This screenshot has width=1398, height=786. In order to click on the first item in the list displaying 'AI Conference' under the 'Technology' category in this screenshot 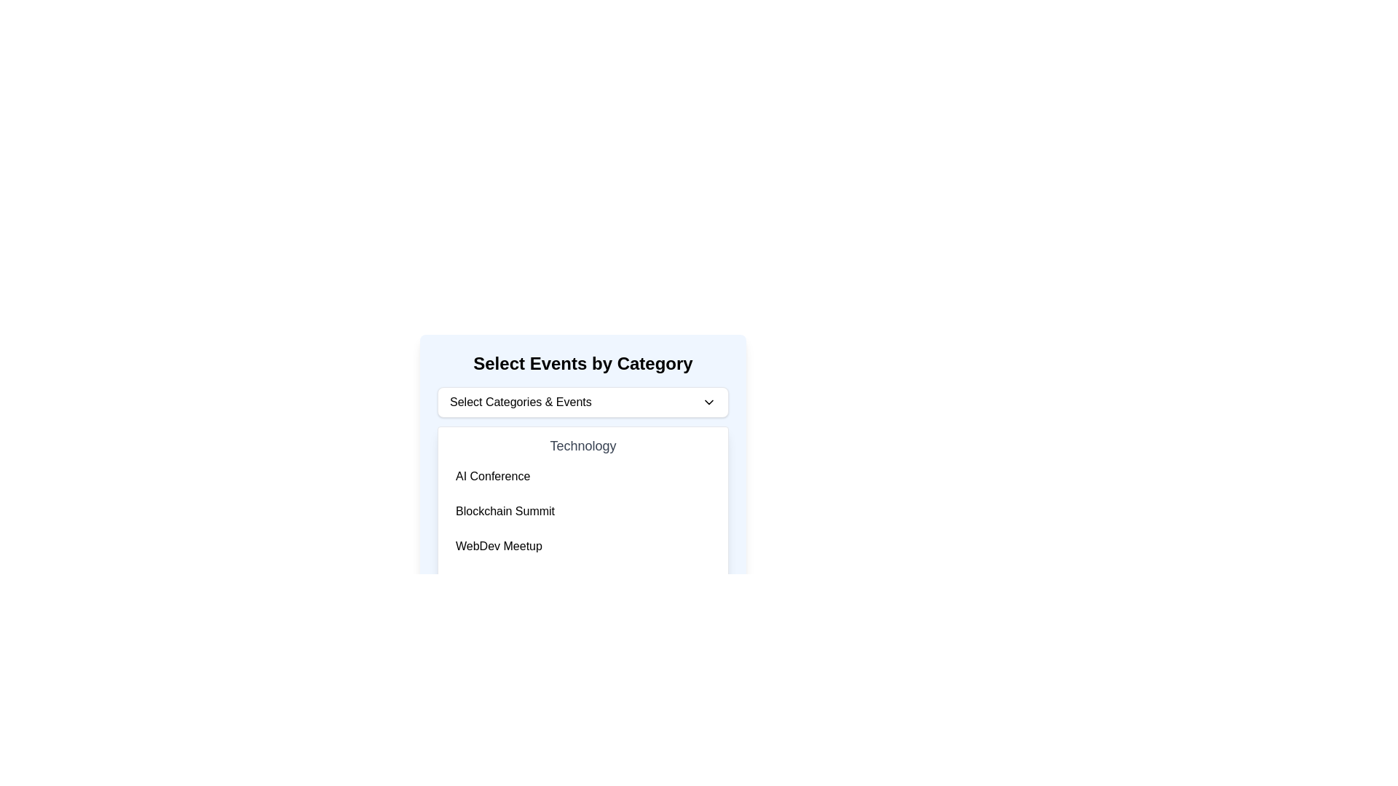, I will do `click(583, 477)`.